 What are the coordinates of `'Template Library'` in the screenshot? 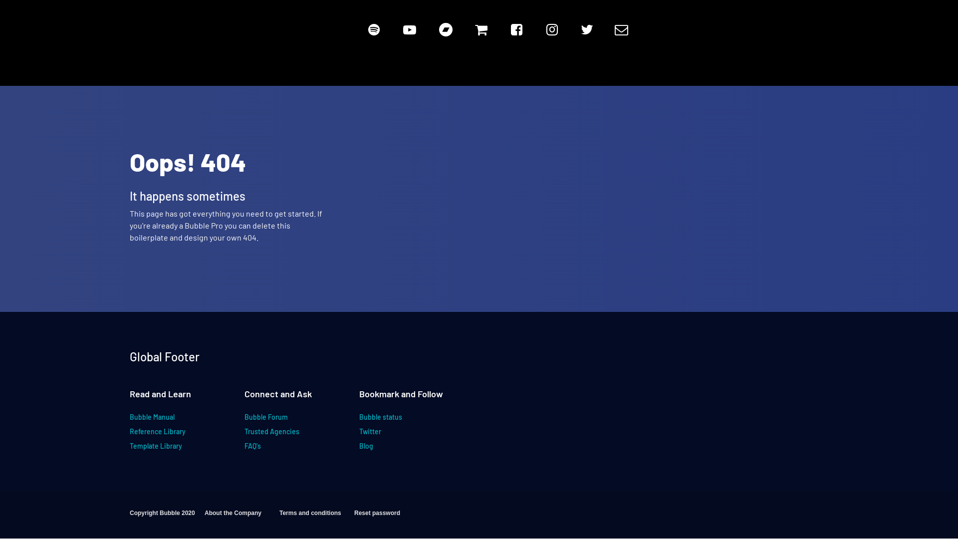 It's located at (167, 450).